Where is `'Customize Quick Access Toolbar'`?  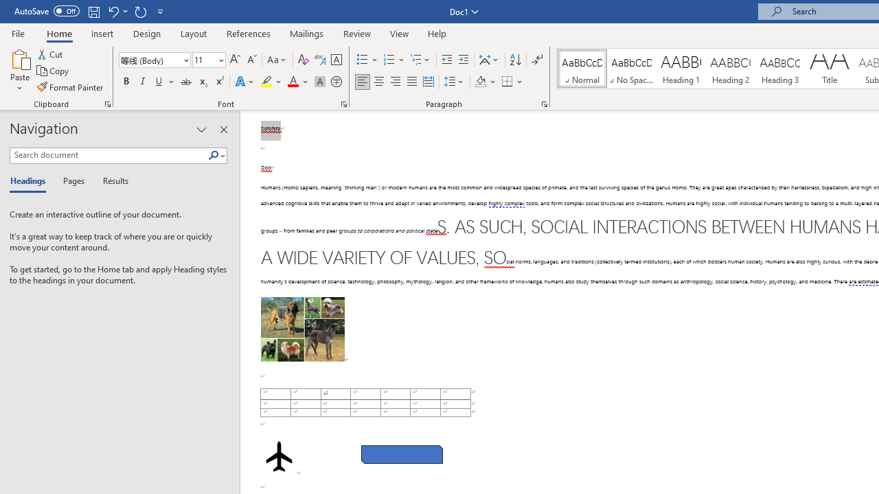 'Customize Quick Access Toolbar' is located at coordinates (161, 11).